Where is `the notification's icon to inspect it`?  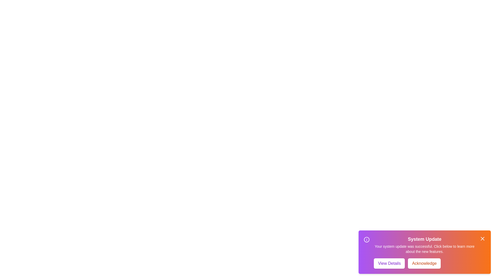
the notification's icon to inspect it is located at coordinates (366, 240).